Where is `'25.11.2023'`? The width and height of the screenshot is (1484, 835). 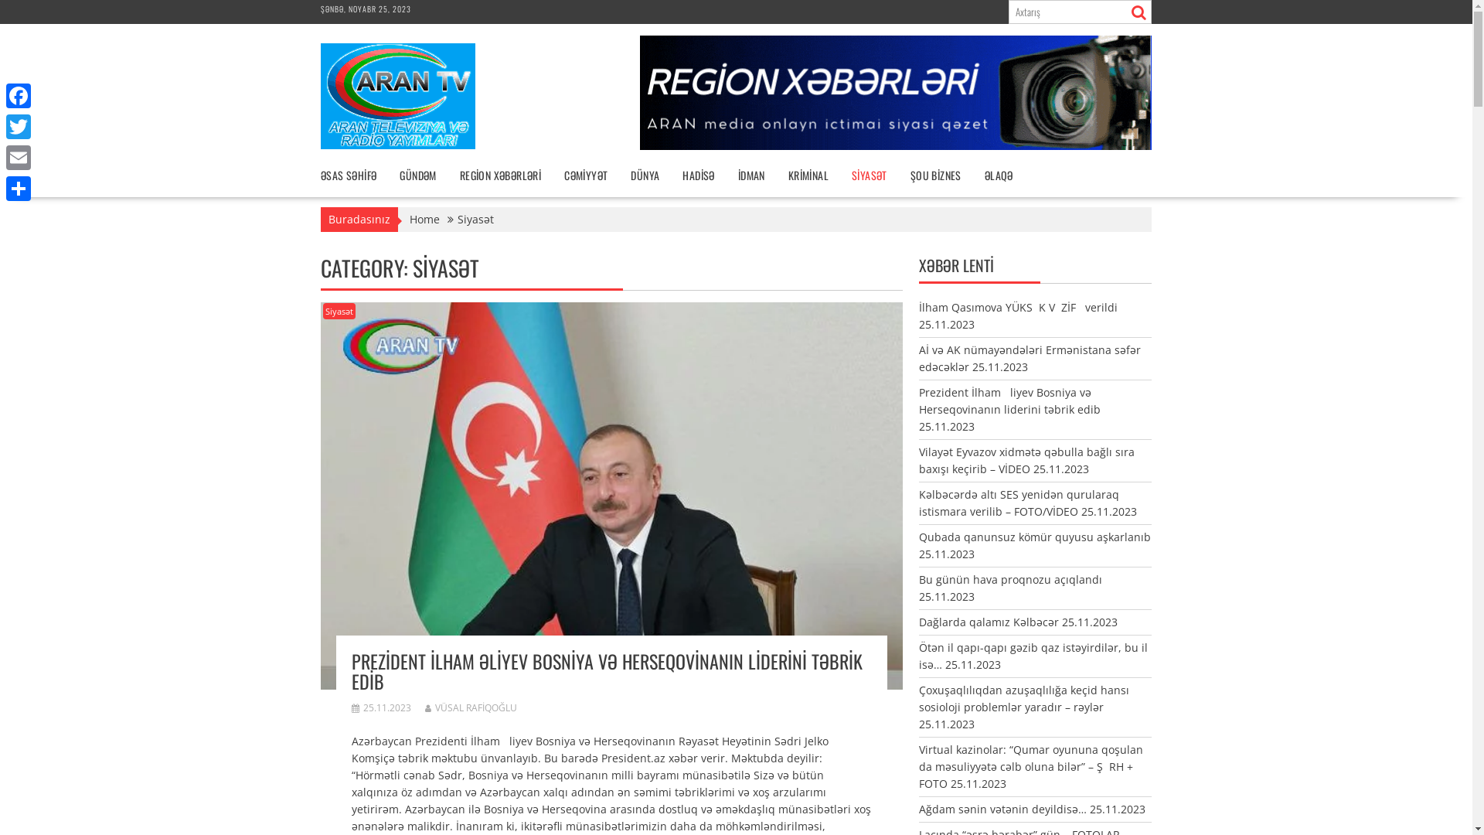 '25.11.2023' is located at coordinates (351, 707).